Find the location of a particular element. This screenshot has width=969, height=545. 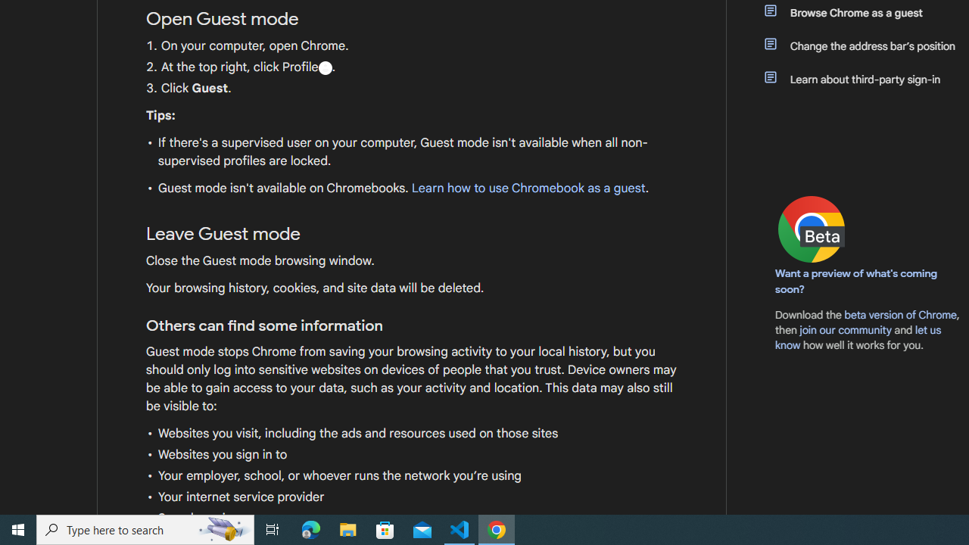

'join our community' is located at coordinates (844, 329).